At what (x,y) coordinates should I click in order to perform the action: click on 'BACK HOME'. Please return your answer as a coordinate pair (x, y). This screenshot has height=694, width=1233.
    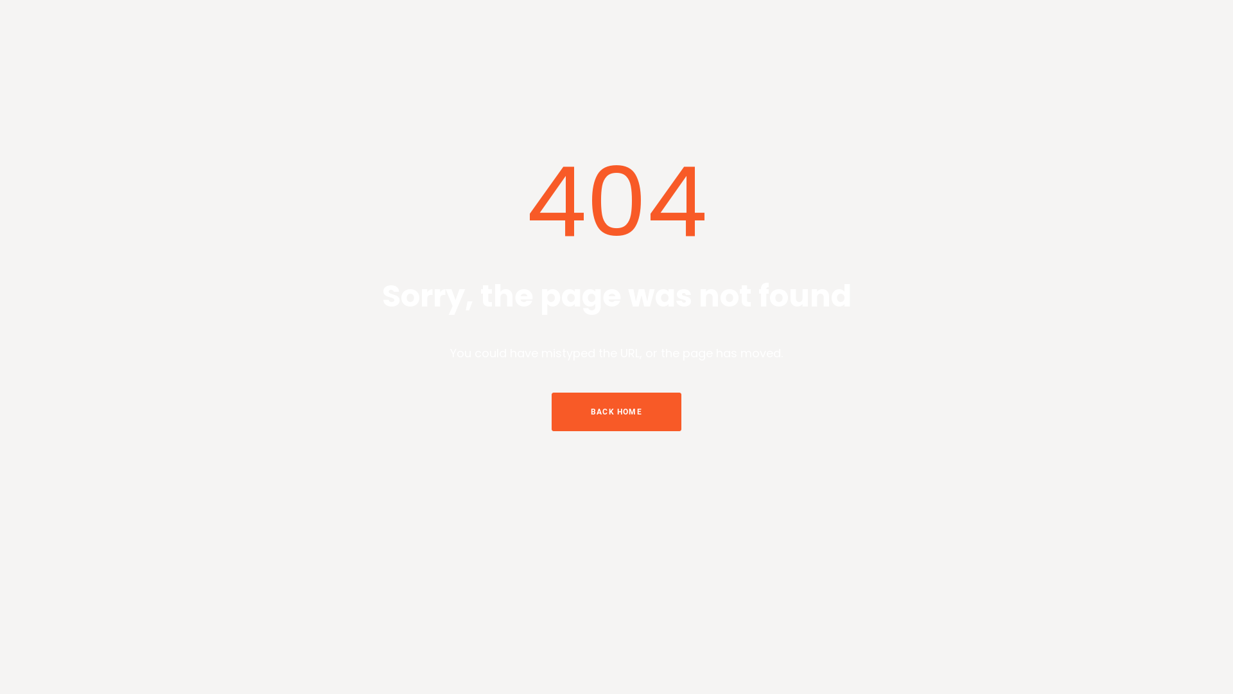
    Looking at the image, I should click on (616, 411).